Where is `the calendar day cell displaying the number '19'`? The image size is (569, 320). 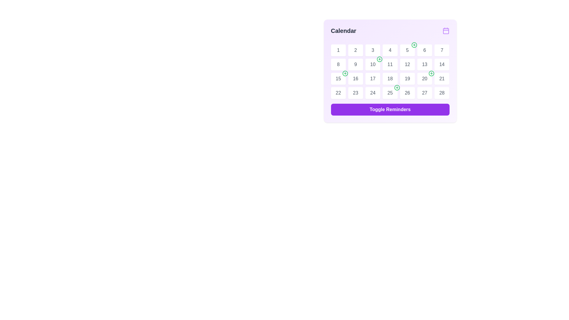
the calendar day cell displaying the number '19' is located at coordinates (407, 79).